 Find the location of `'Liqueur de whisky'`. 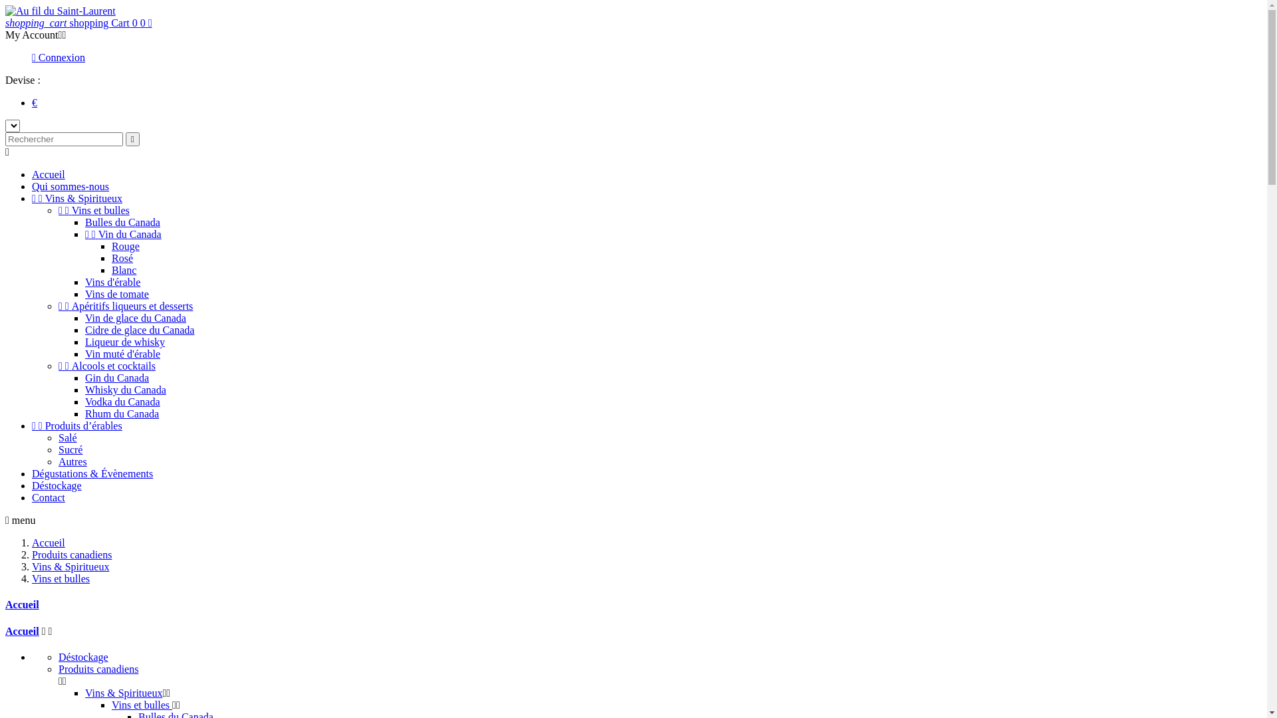

'Liqueur de whisky' is located at coordinates (84, 341).